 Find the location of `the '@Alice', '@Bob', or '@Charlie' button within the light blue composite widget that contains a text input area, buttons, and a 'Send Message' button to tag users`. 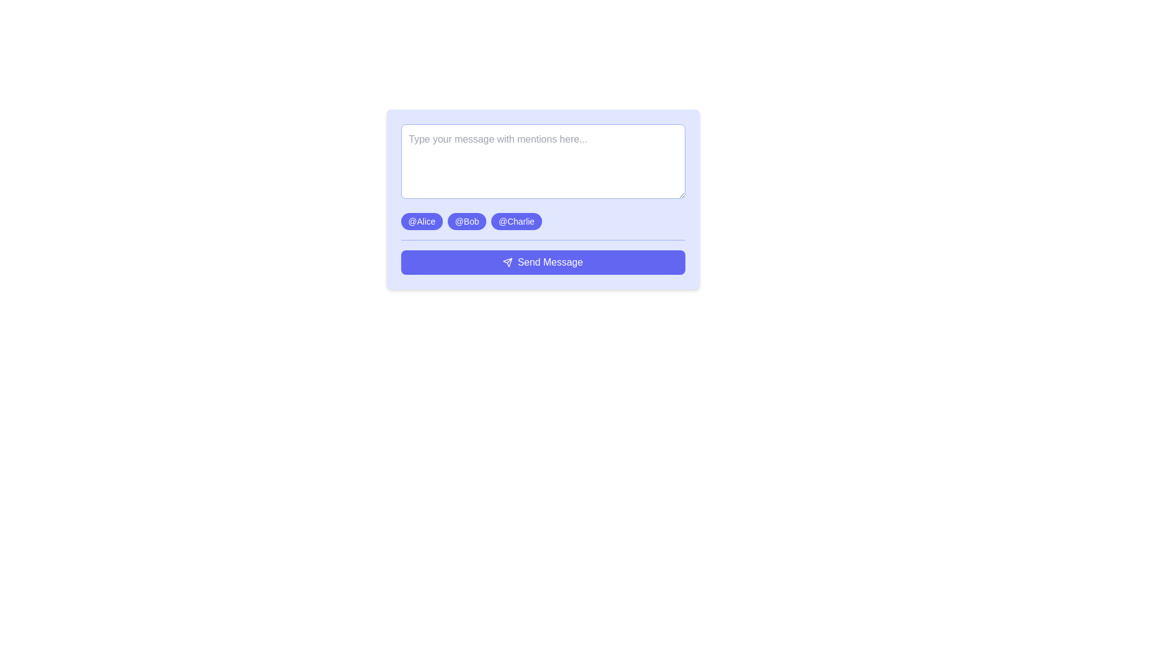

the '@Alice', '@Bob', or '@Charlie' button within the light blue composite widget that contains a text input area, buttons, and a 'Send Message' button to tag users is located at coordinates (542, 199).